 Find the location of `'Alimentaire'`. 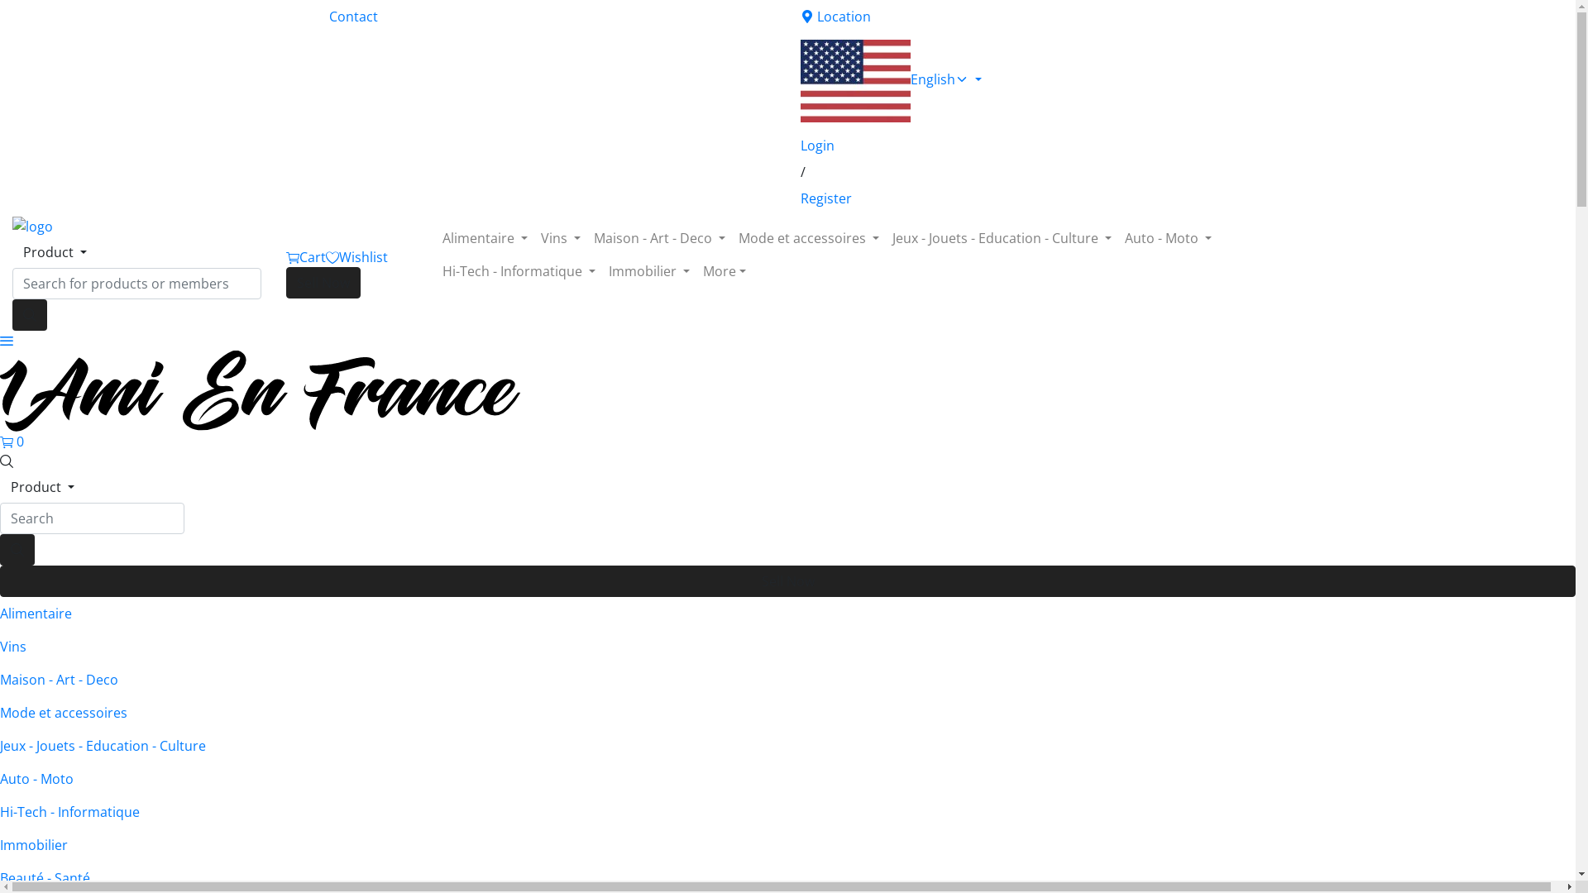

'Alimentaire' is located at coordinates (787, 613).